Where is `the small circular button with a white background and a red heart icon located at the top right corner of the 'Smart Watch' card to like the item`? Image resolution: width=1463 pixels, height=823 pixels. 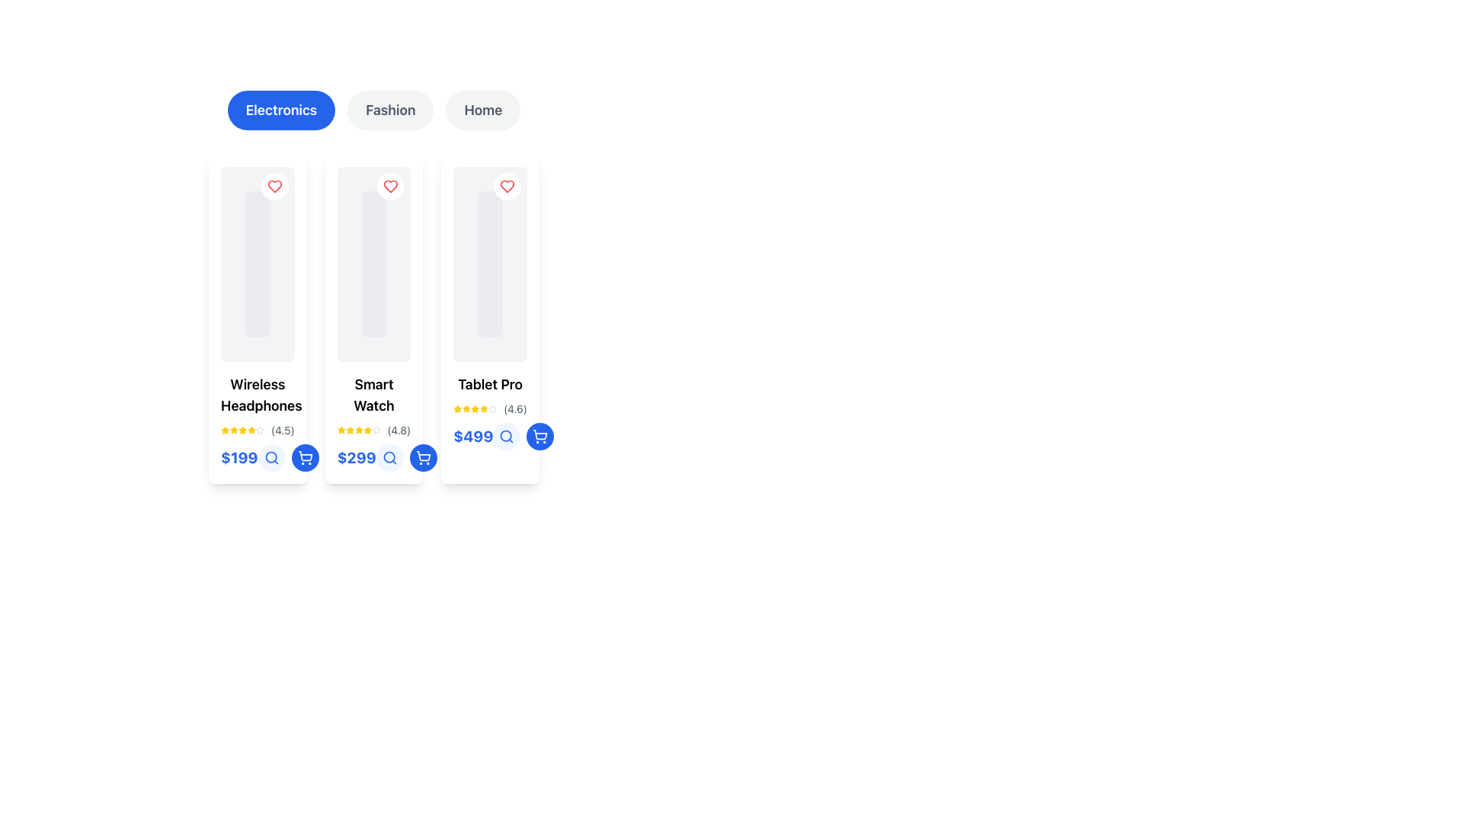 the small circular button with a white background and a red heart icon located at the top right corner of the 'Smart Watch' card to like the item is located at coordinates (391, 186).